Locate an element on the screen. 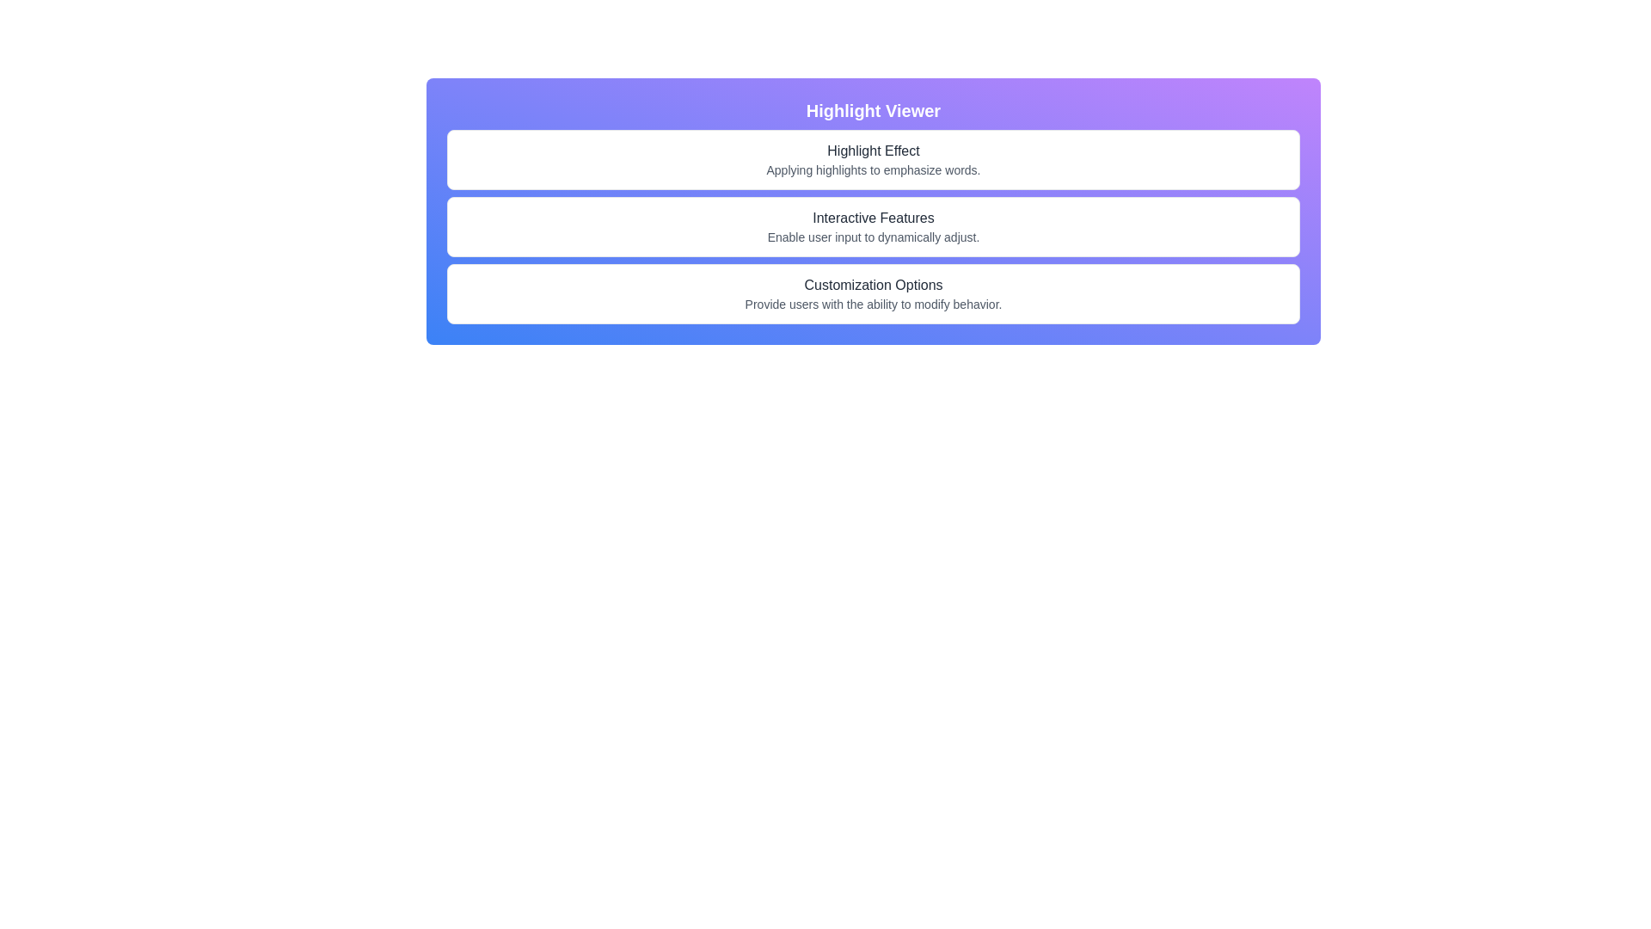 Image resolution: width=1651 pixels, height=929 pixels. the character 'u' in the word 'Features', which is part of the textual label providing descriptive information about interactive features, located below the header 'Highlight Viewer' is located at coordinates (911, 217).